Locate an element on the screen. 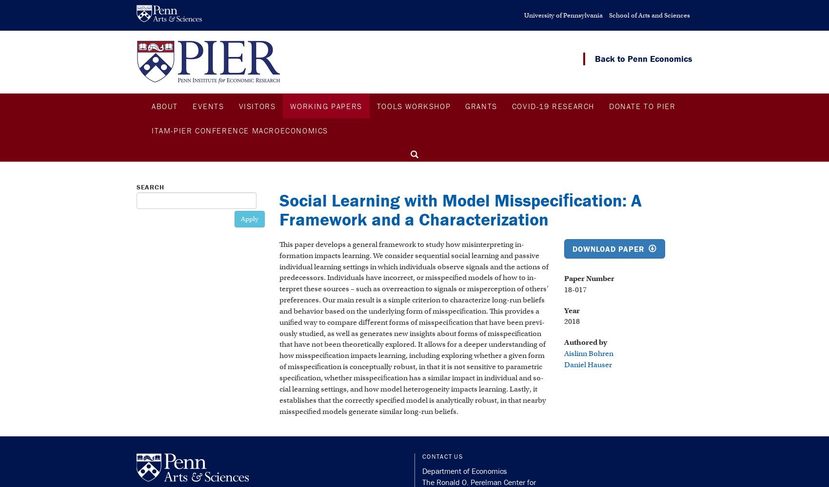 This screenshot has width=829, height=487. 'School of Arts and Sciences' is located at coordinates (649, 15).